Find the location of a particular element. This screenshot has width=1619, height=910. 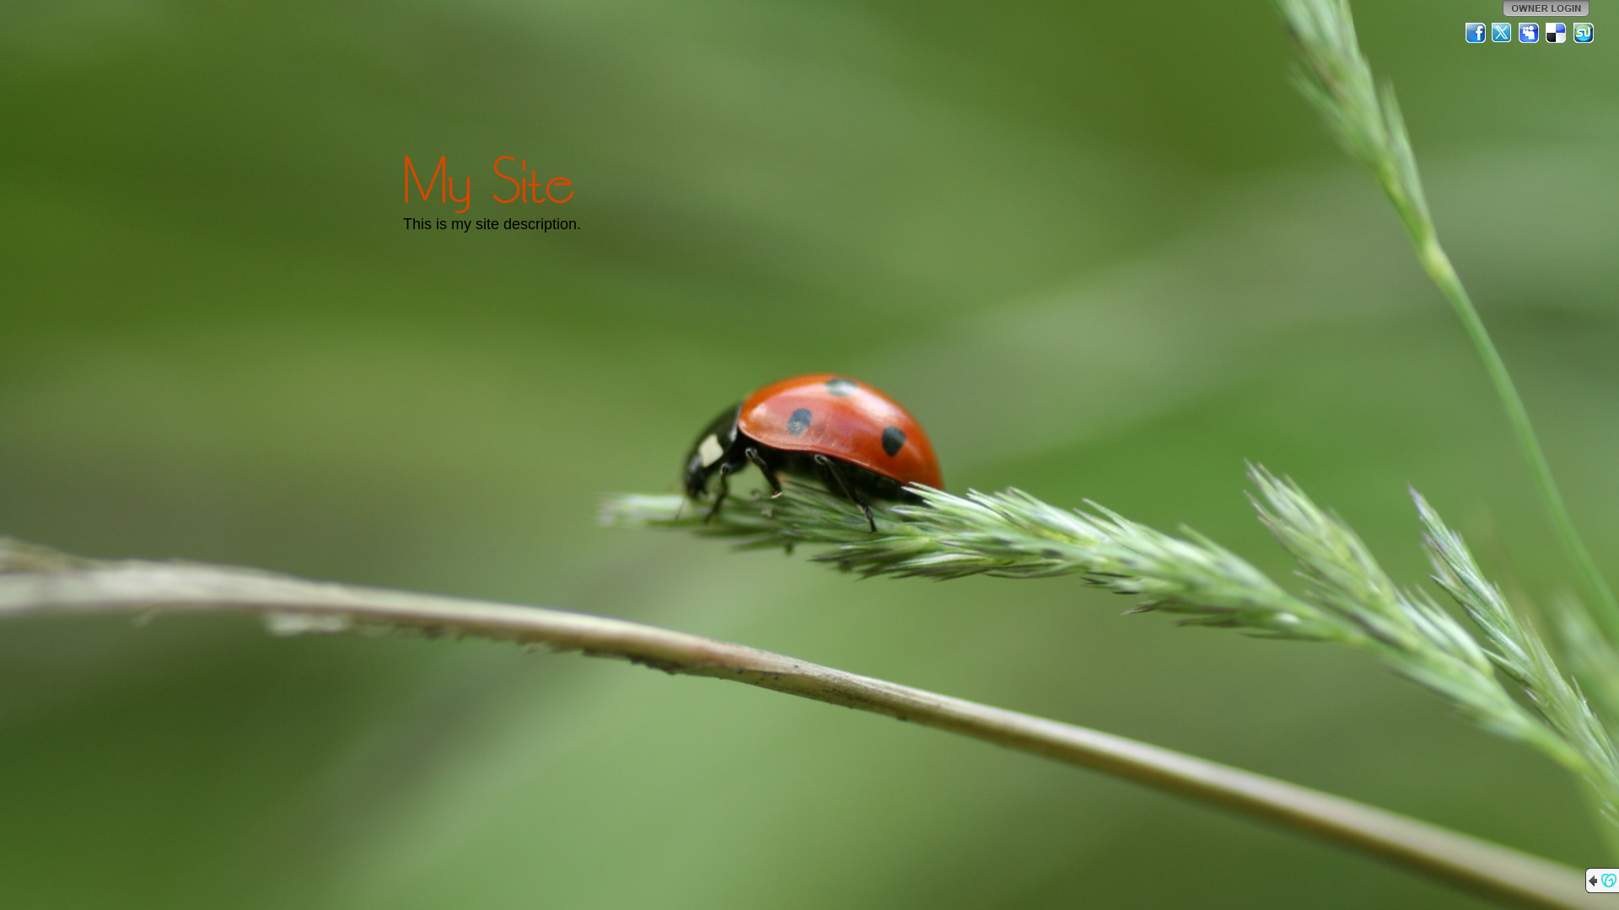

'Twitter' is located at coordinates (1502, 32).